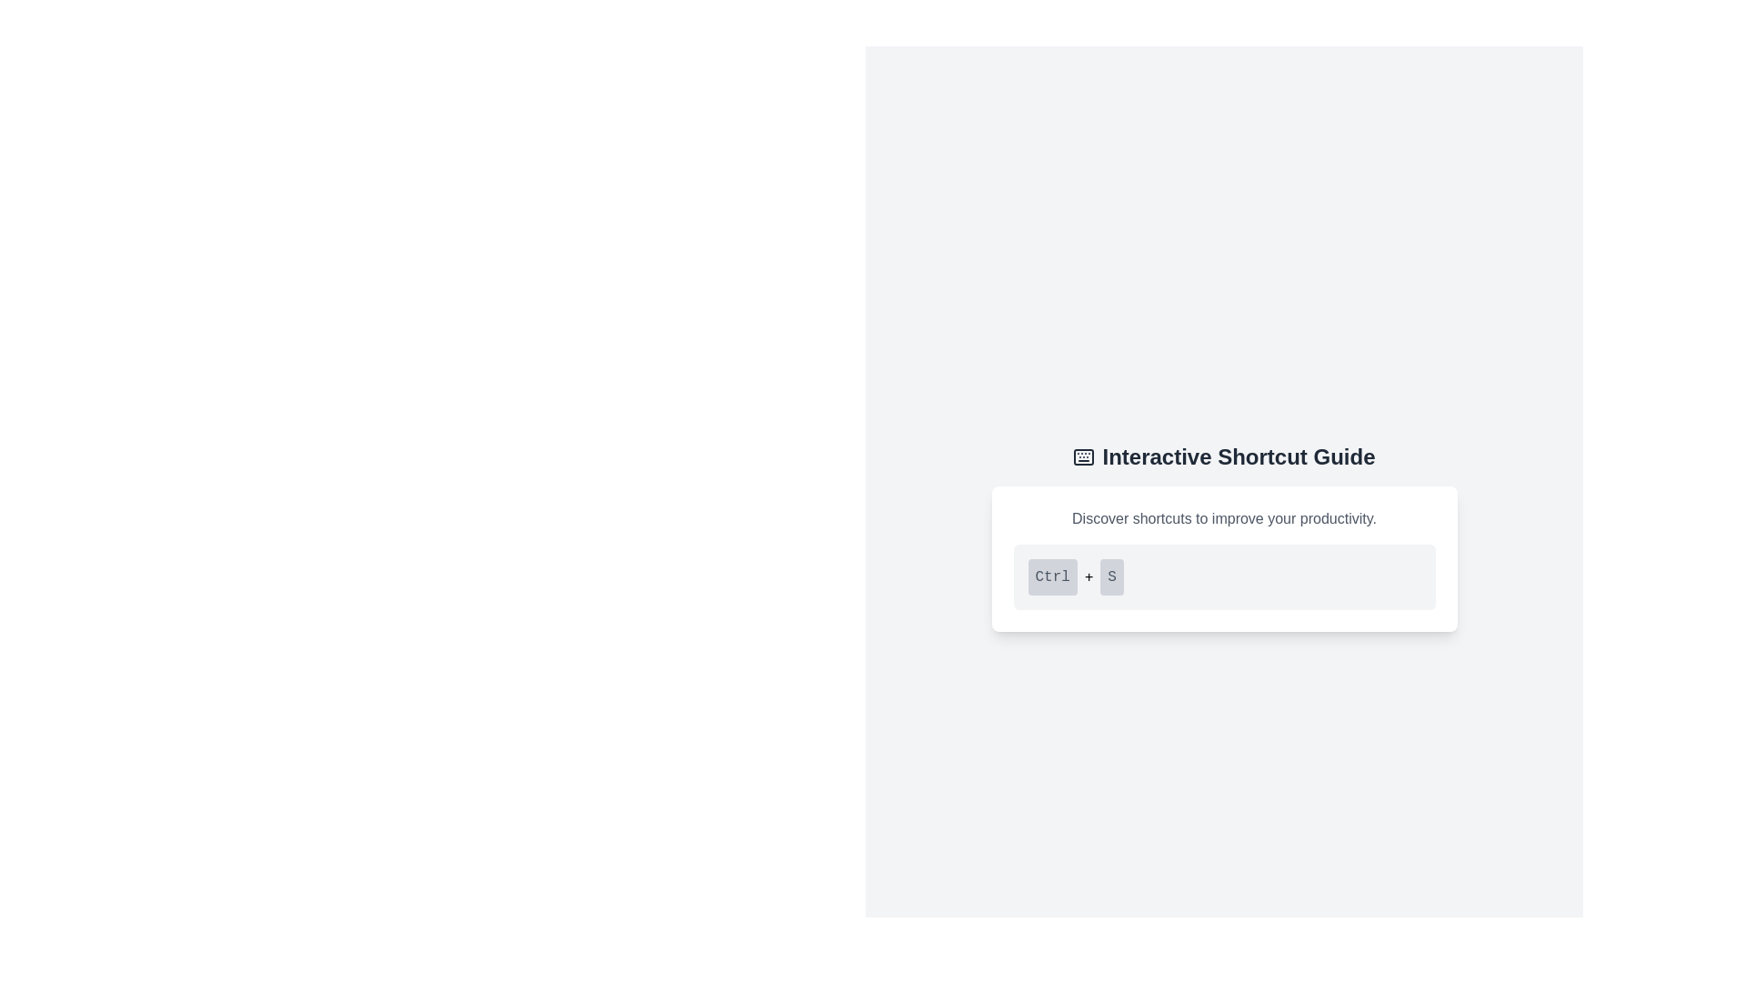 Image resolution: width=1746 pixels, height=982 pixels. What do you see at coordinates (1084, 456) in the screenshot?
I see `the icon representing the heading 'Interactive Shortcut Guide', located at the start of the heading and to the left of the text` at bounding box center [1084, 456].